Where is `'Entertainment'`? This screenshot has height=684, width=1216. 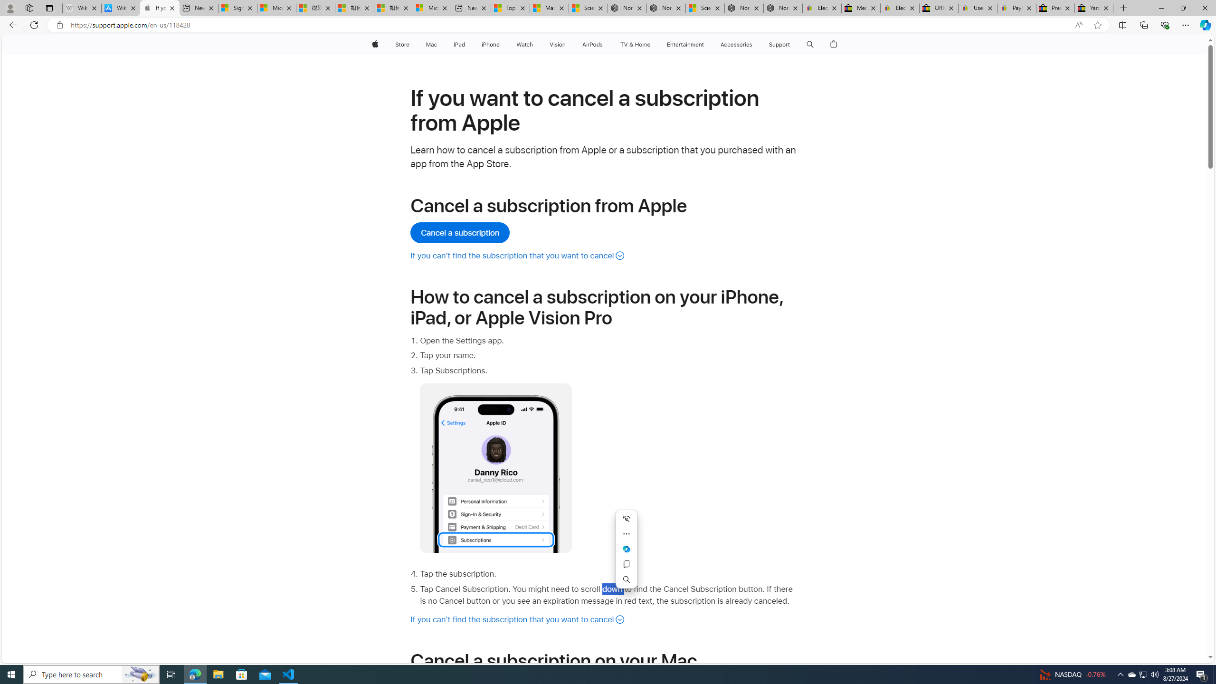
'Entertainment' is located at coordinates (685, 44).